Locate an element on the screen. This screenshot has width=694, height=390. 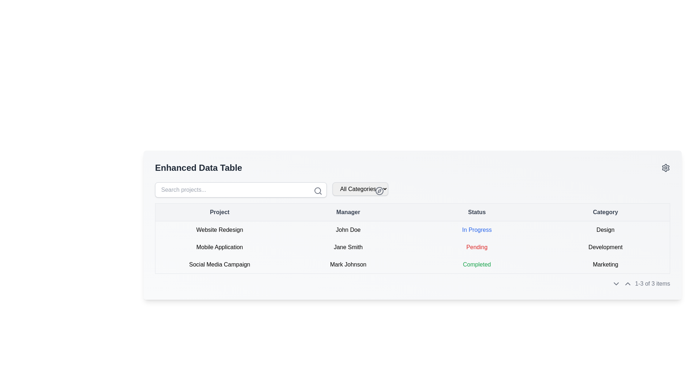
text label that serves as the heading for the 'Category' column in the table, located at the top-right corner of the table layout is located at coordinates (605, 212).